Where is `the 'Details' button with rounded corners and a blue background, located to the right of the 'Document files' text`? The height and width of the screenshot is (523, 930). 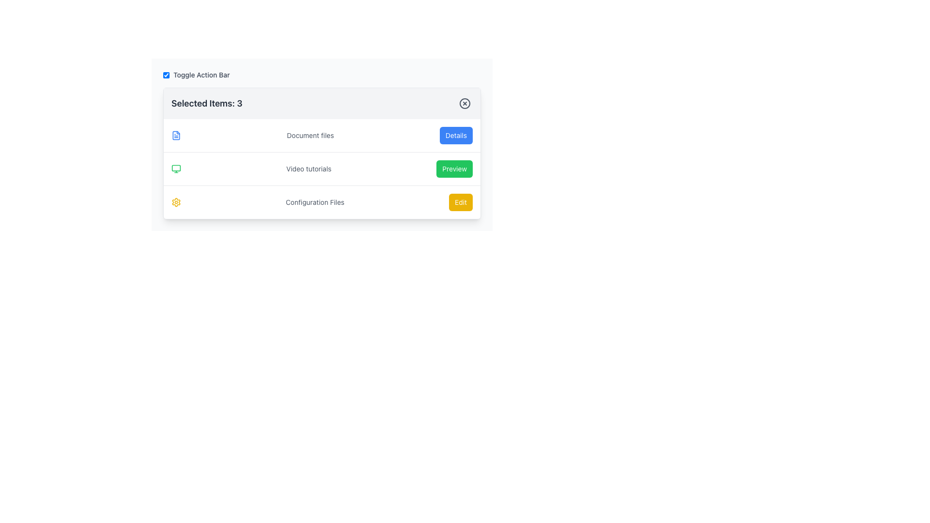 the 'Details' button with rounded corners and a blue background, located to the right of the 'Document files' text is located at coordinates (455, 136).